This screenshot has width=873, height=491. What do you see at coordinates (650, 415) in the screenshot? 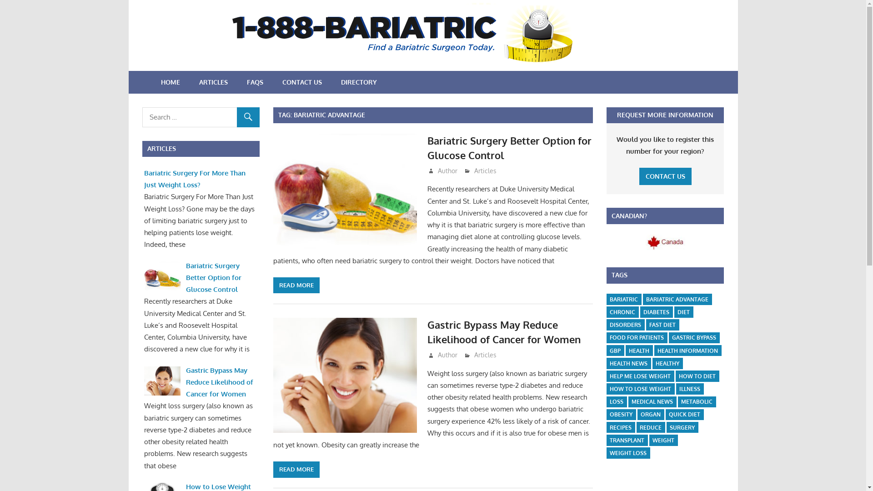
I see `'ORGAN'` at bounding box center [650, 415].